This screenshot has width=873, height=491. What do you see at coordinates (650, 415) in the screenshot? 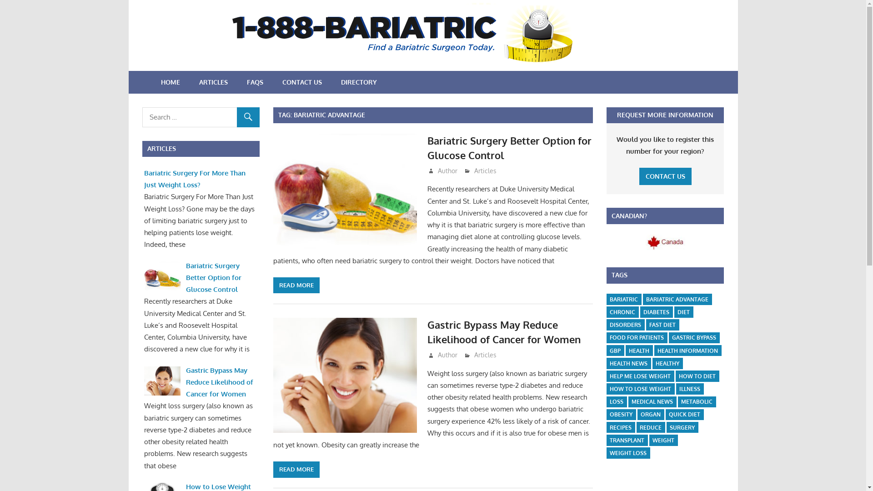
I see `'ORGAN'` at bounding box center [650, 415].